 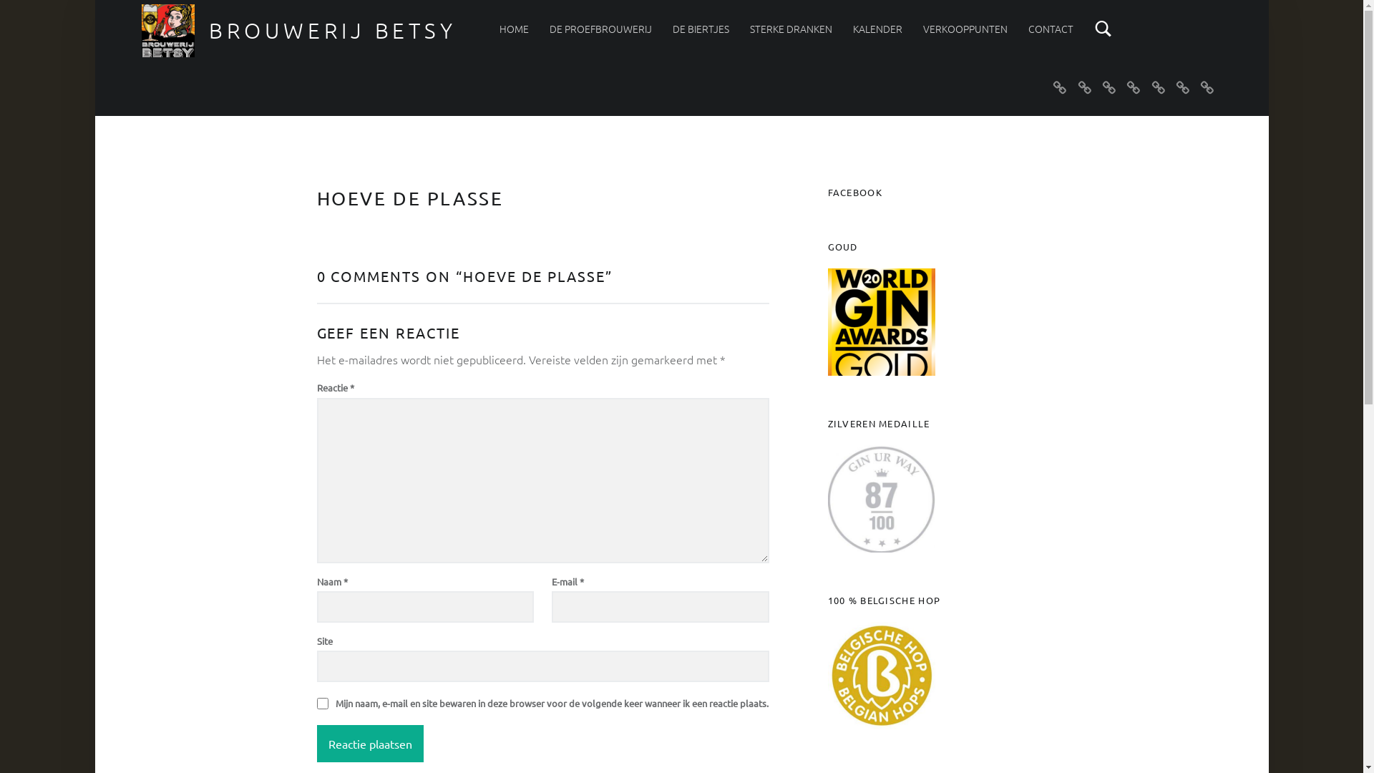 What do you see at coordinates (549, 28) in the screenshot?
I see `'DE PROEFBROUWERIJ'` at bounding box center [549, 28].